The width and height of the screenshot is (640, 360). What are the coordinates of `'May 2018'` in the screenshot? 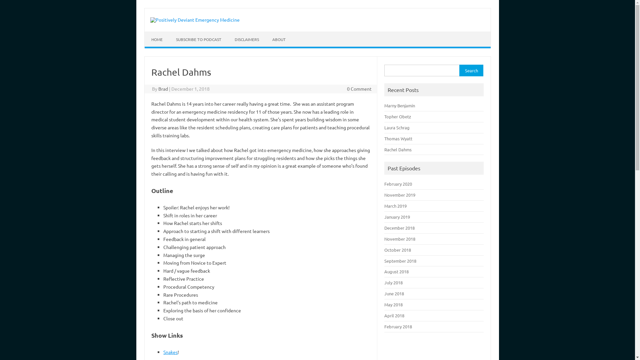 It's located at (393, 304).